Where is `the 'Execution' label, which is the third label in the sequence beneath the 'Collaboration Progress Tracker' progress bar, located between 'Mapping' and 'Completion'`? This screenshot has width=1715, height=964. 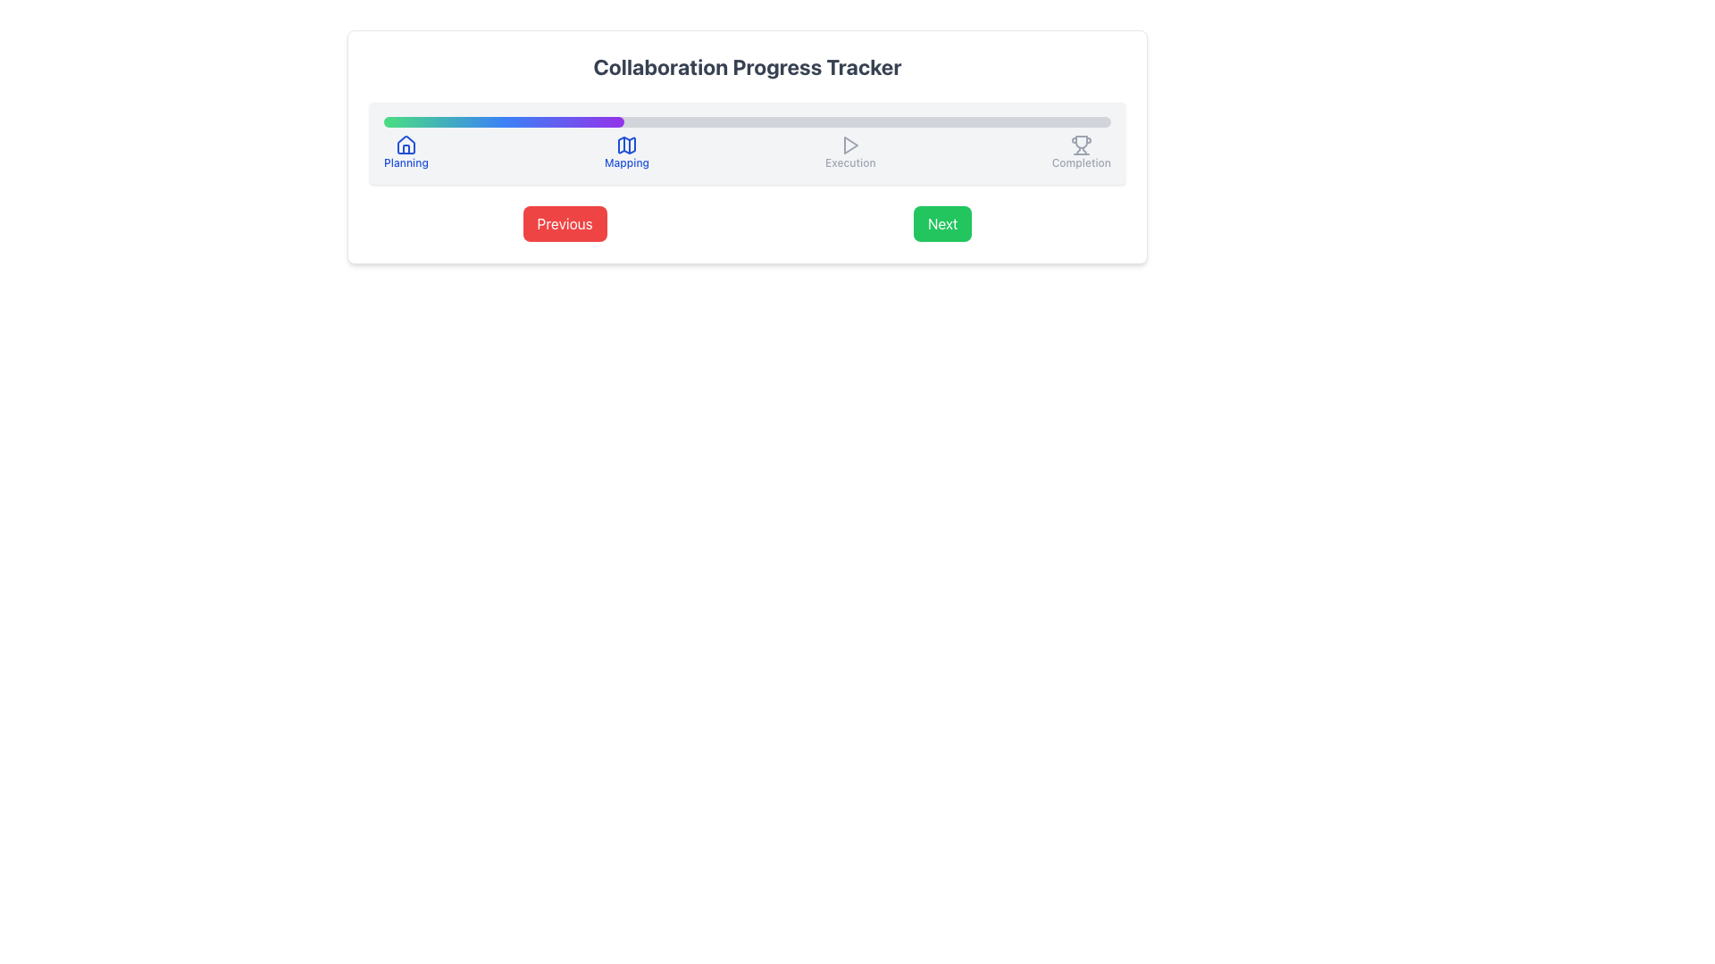 the 'Execution' label, which is the third label in the sequence beneath the 'Collaboration Progress Tracker' progress bar, located between 'Mapping' and 'Completion' is located at coordinates (849, 162).